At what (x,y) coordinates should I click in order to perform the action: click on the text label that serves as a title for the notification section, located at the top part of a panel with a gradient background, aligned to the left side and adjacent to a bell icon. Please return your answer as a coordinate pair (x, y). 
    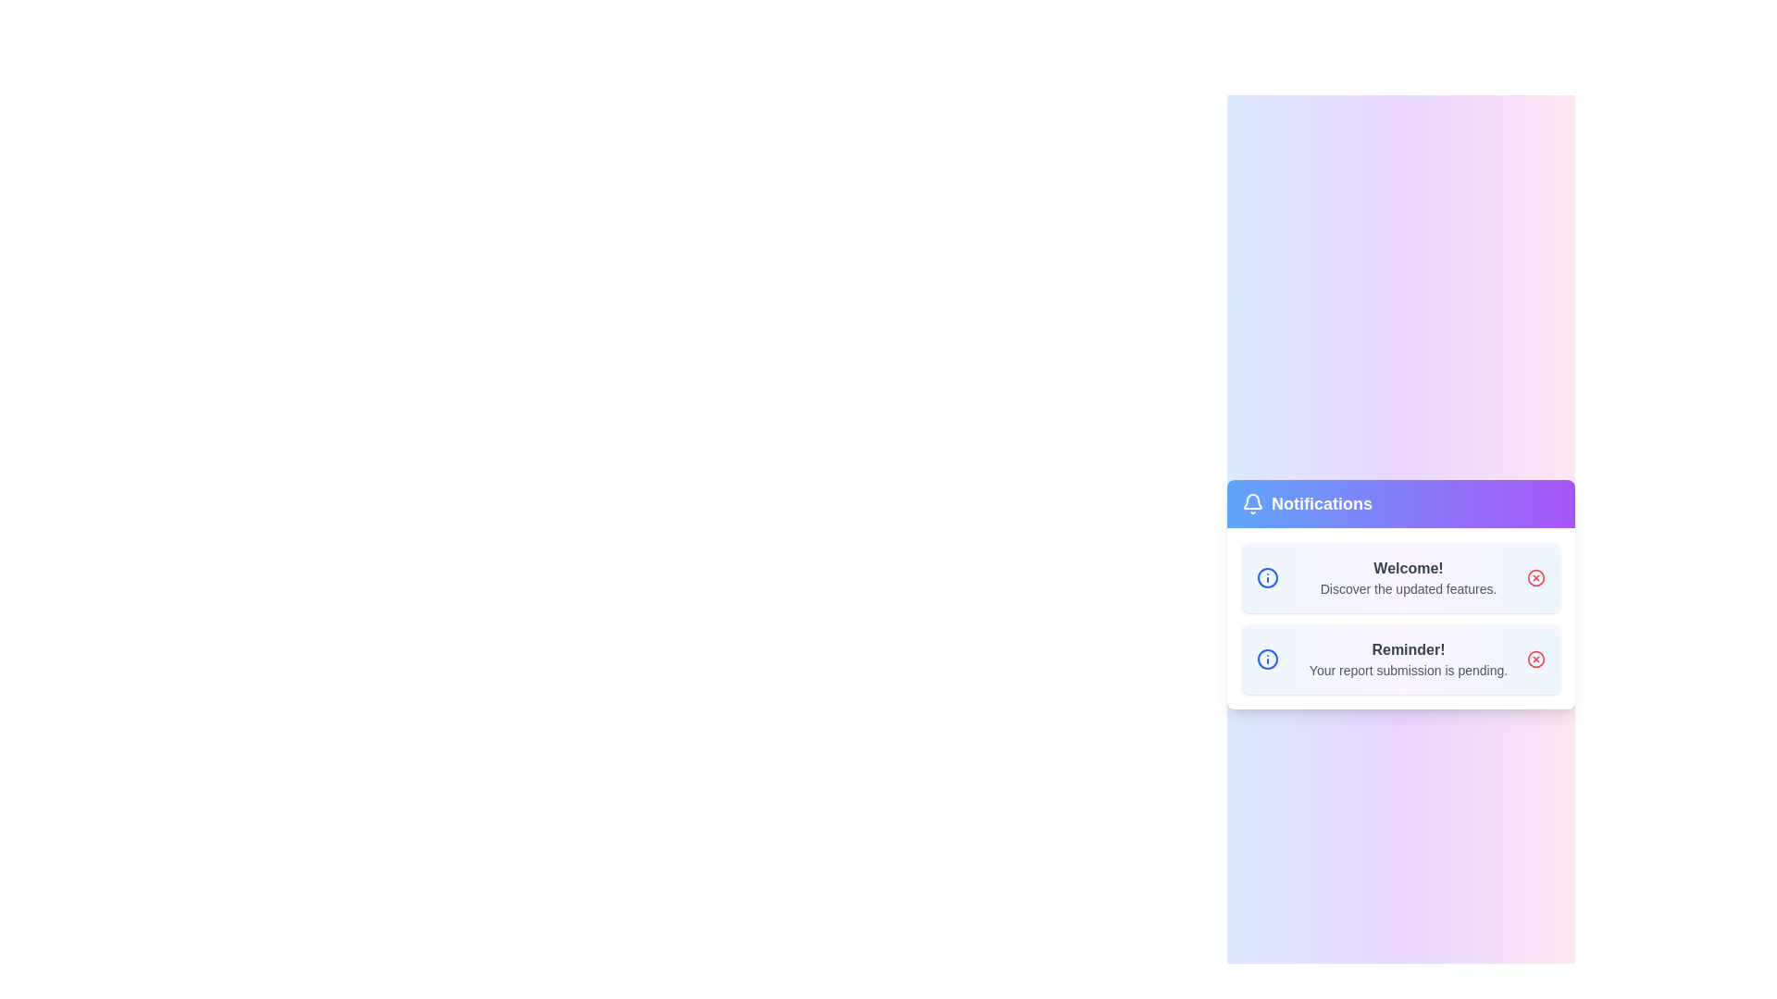
    Looking at the image, I should click on (1306, 503).